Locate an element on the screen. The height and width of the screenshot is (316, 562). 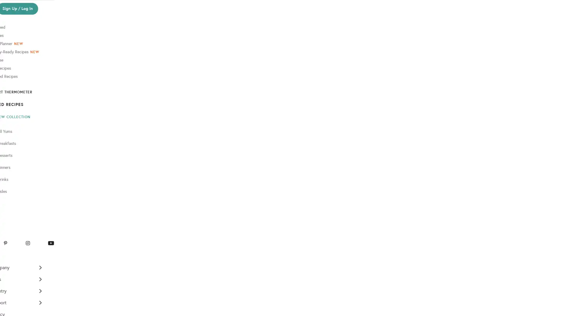
Open Additional Navigation Options is located at coordinates (31, 287).